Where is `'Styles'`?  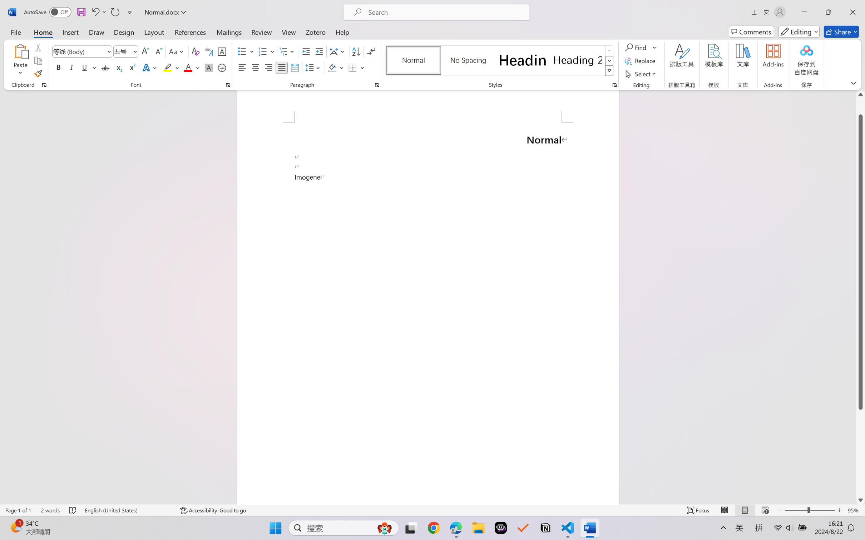 'Styles' is located at coordinates (609, 71).